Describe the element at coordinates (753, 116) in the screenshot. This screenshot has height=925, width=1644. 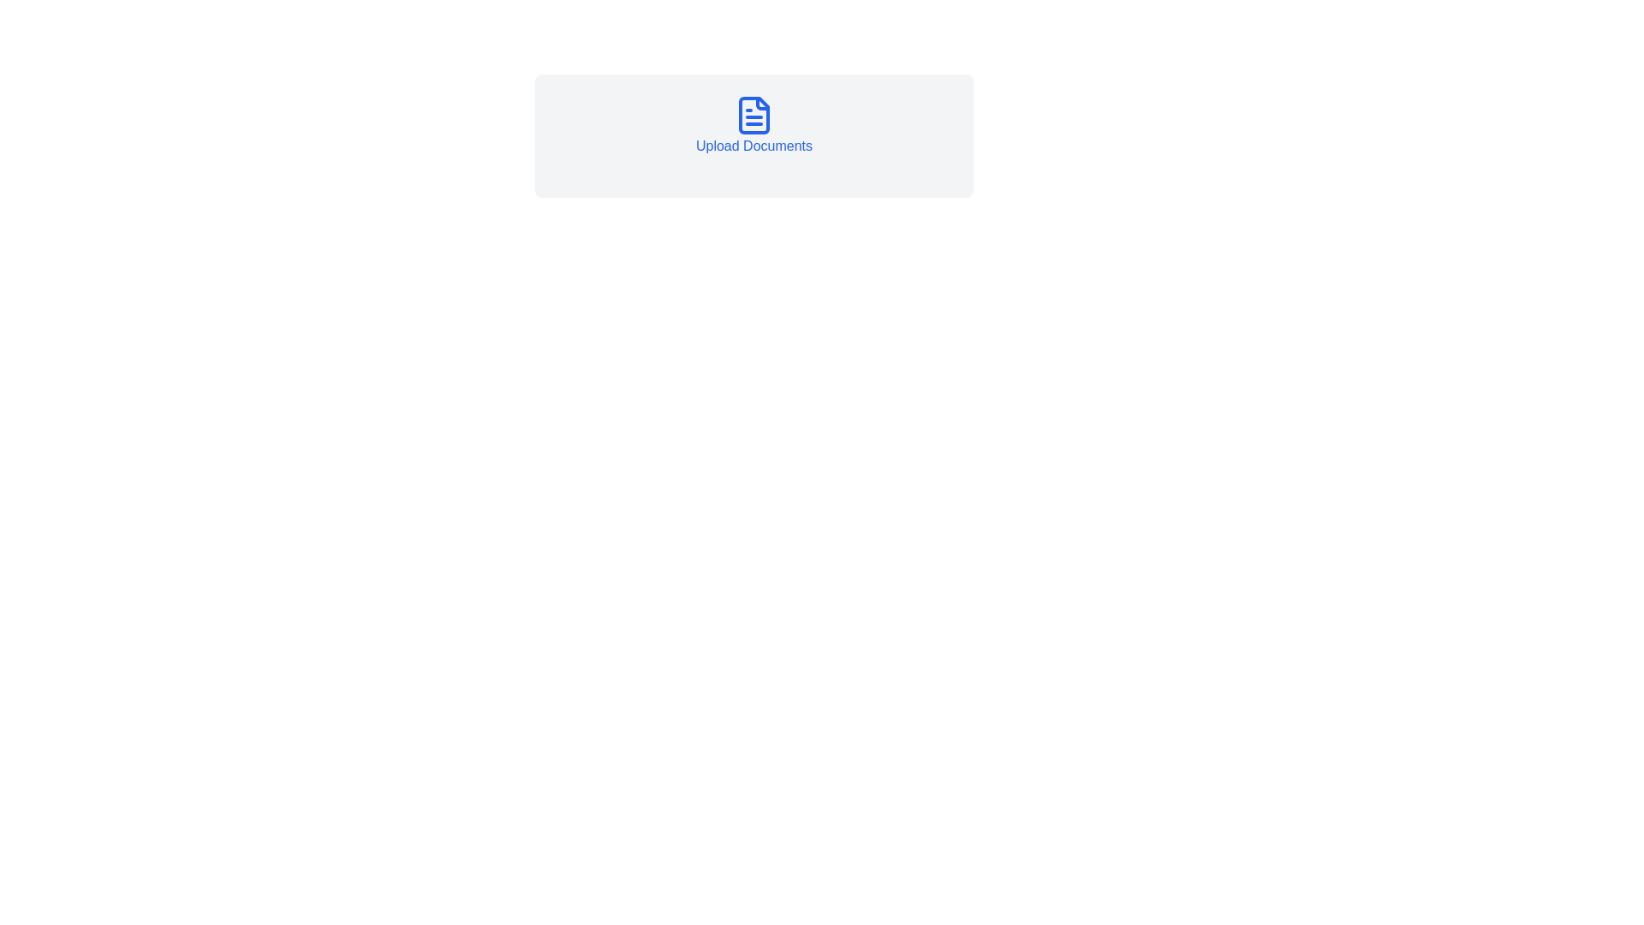
I see `the SVG icon of the document symbol, which is located in the center of a rectangular box` at that location.